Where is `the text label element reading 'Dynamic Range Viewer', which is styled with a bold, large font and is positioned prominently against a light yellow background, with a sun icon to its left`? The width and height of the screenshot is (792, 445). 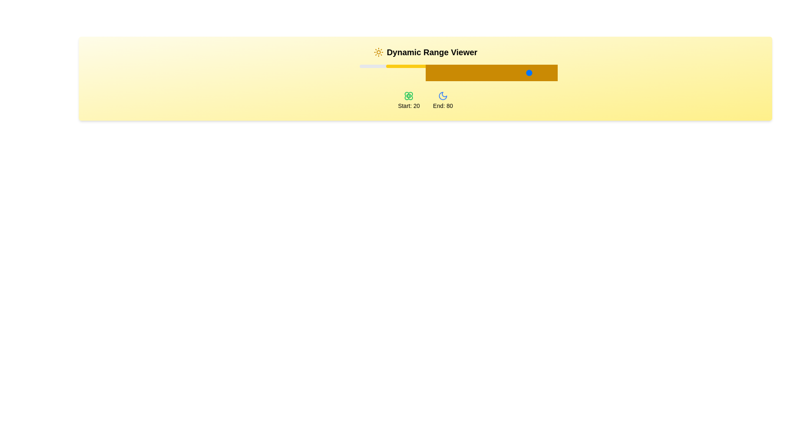 the text label element reading 'Dynamic Range Viewer', which is styled with a bold, large font and is positioned prominently against a light yellow background, with a sun icon to its left is located at coordinates (431, 52).